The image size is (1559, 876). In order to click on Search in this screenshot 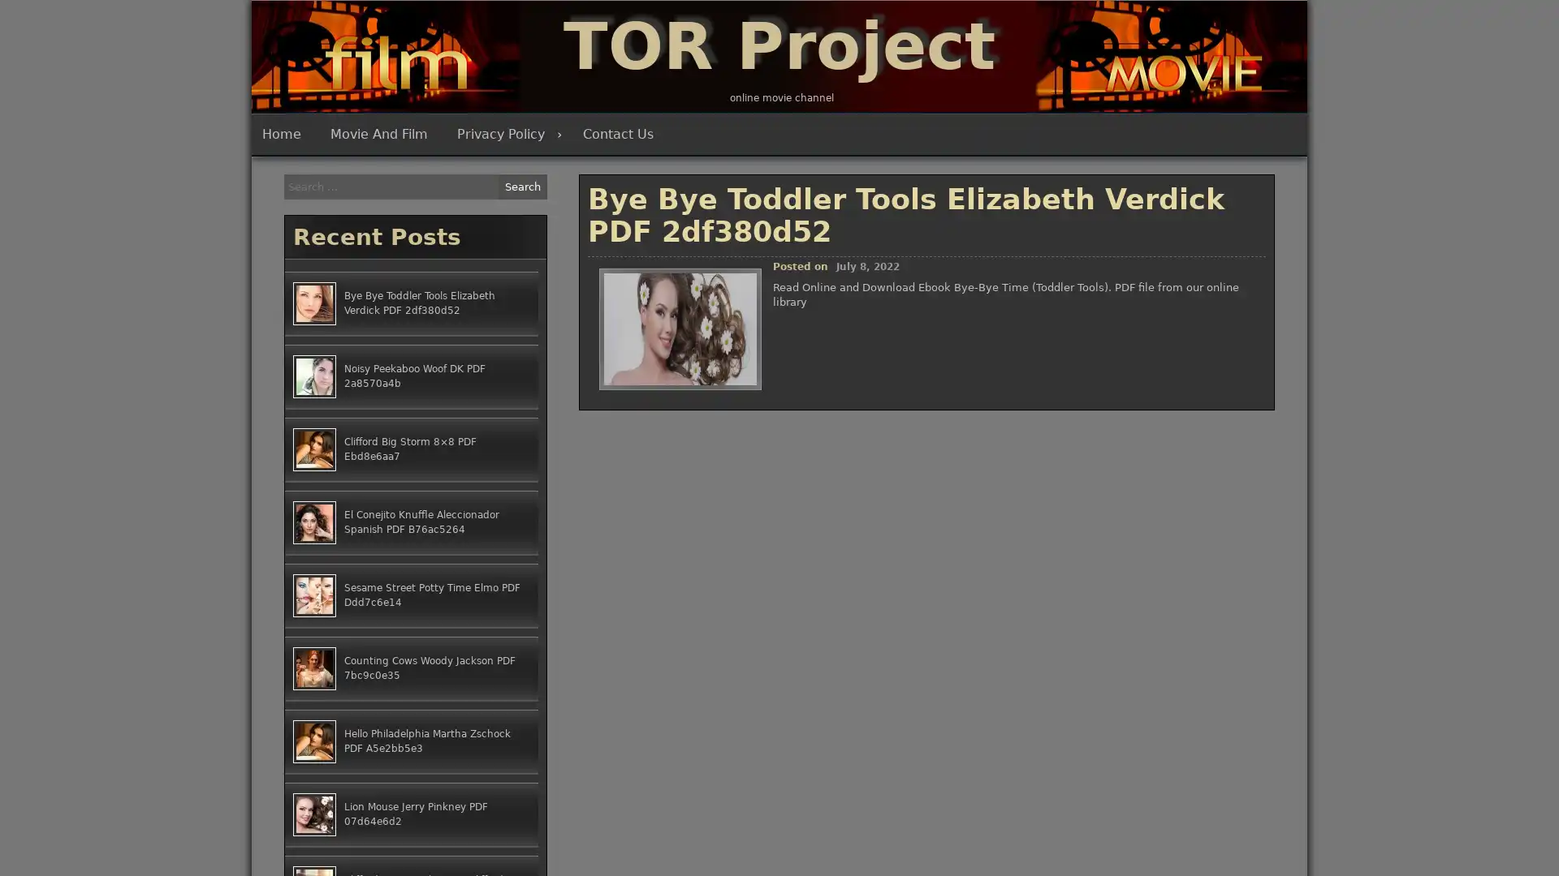, I will do `click(522, 186)`.